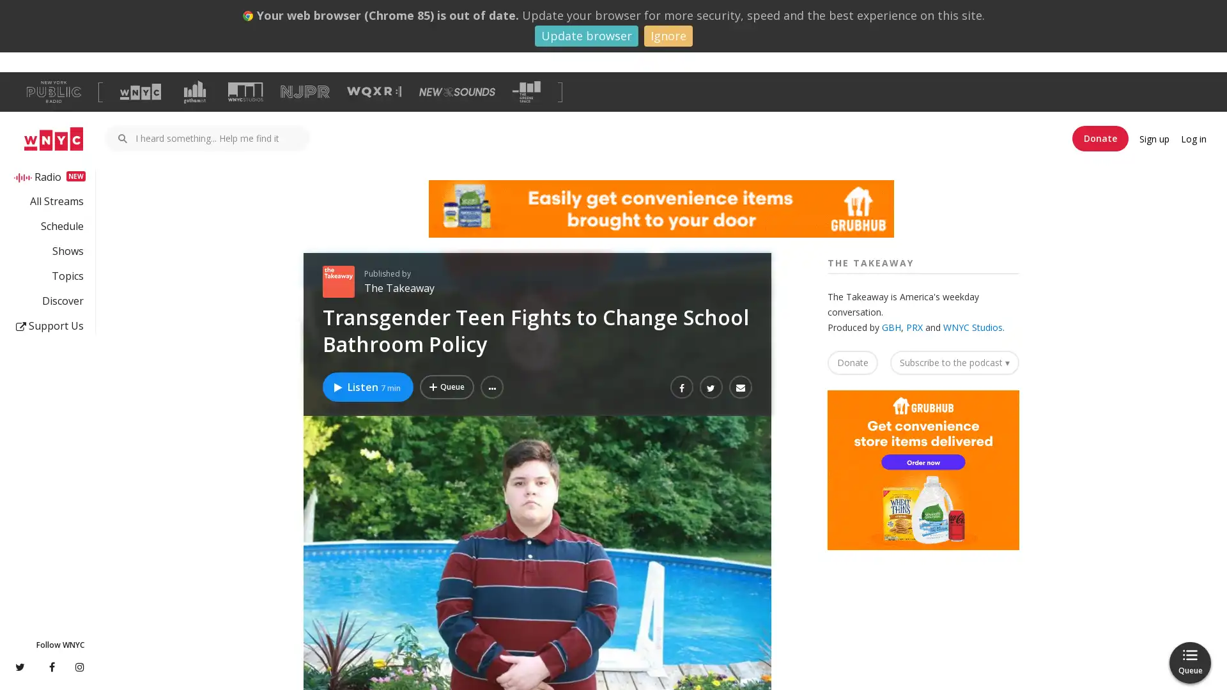 The height and width of the screenshot is (690, 1227). I want to click on Ignore, so click(667, 35).